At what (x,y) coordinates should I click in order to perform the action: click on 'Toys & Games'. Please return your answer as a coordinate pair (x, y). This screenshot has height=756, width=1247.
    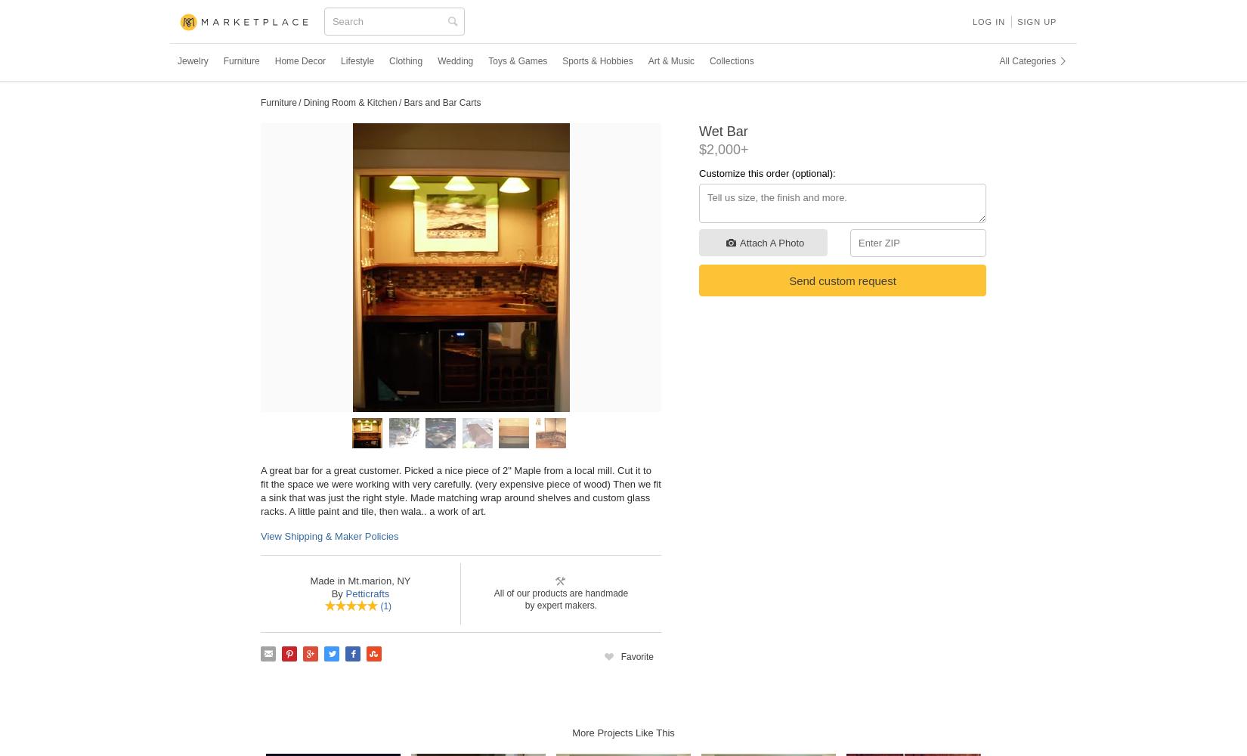
    Looking at the image, I should click on (517, 60).